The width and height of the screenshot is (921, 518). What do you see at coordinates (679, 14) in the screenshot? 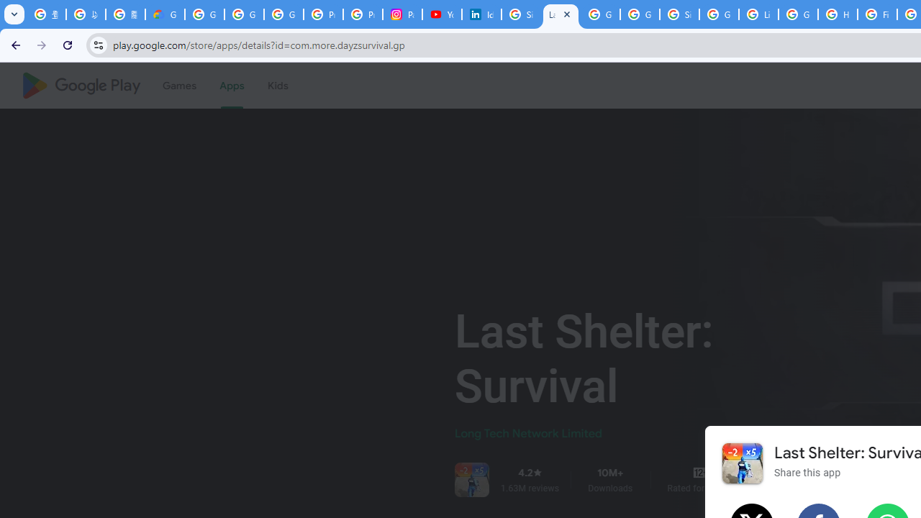
I see `'Sign in - Google Accounts'` at bounding box center [679, 14].